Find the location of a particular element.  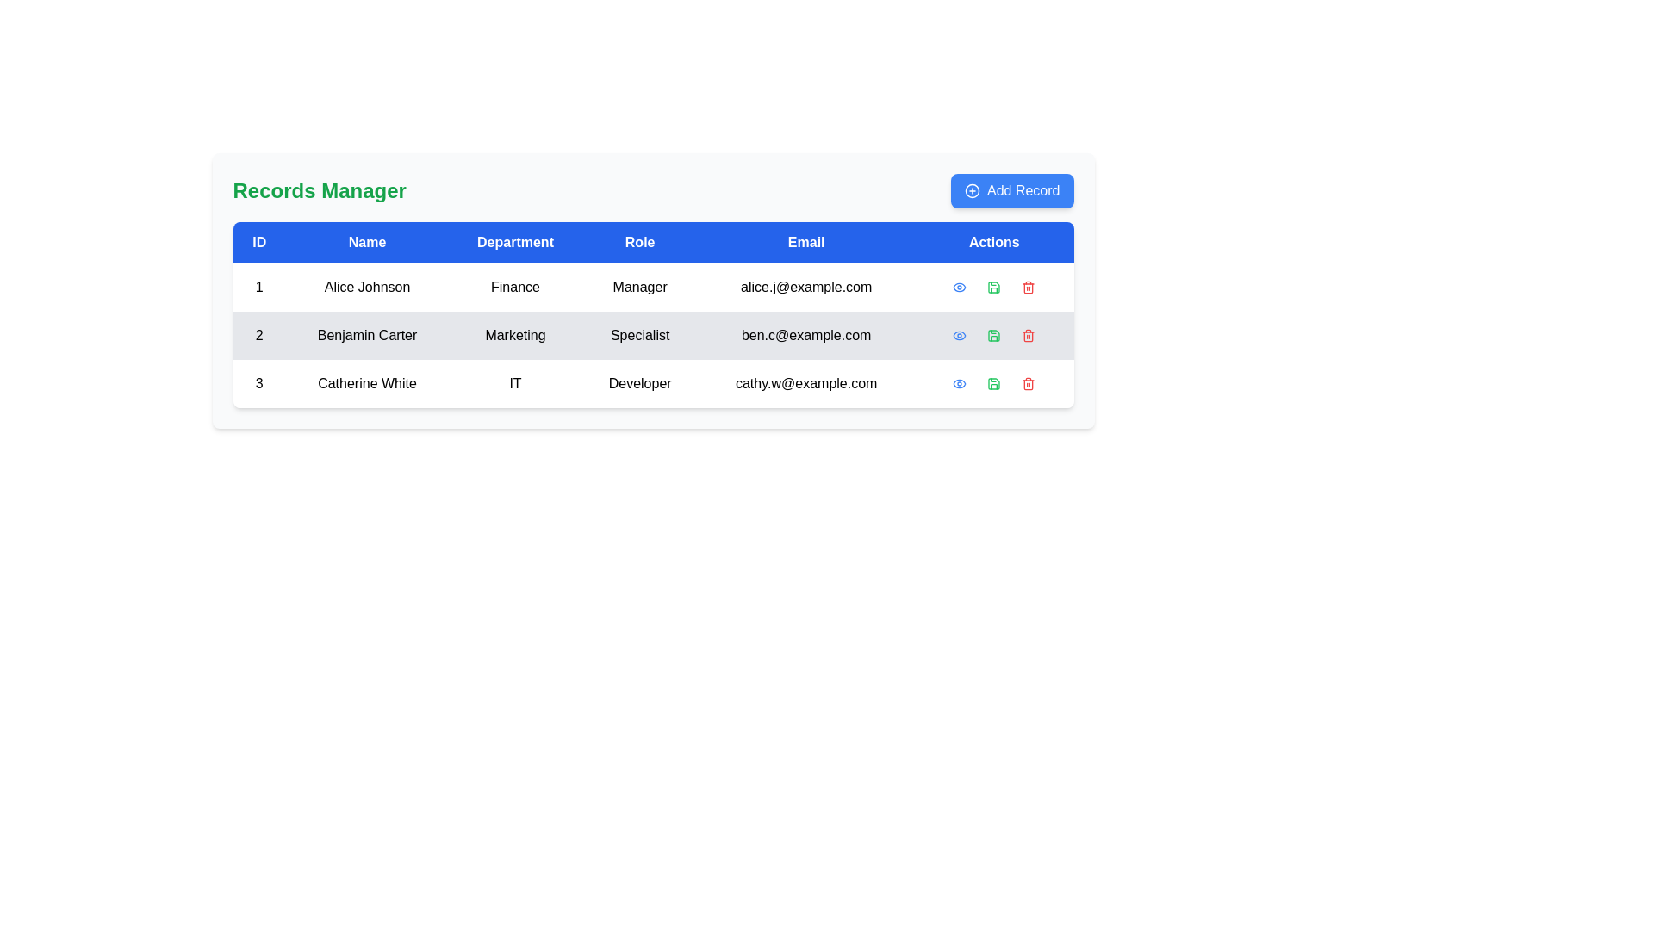

the blue eye icon in the Actions column of the first row in the table is located at coordinates (959, 287).